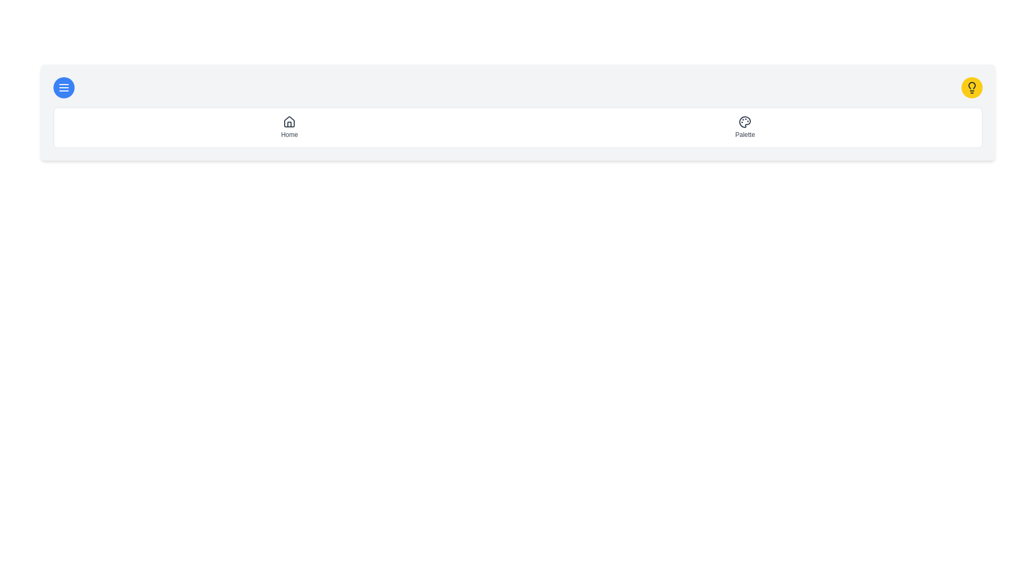  I want to click on the decorative Lightbulb SVG icon located at the top-right corner of the interface, so click(972, 85).